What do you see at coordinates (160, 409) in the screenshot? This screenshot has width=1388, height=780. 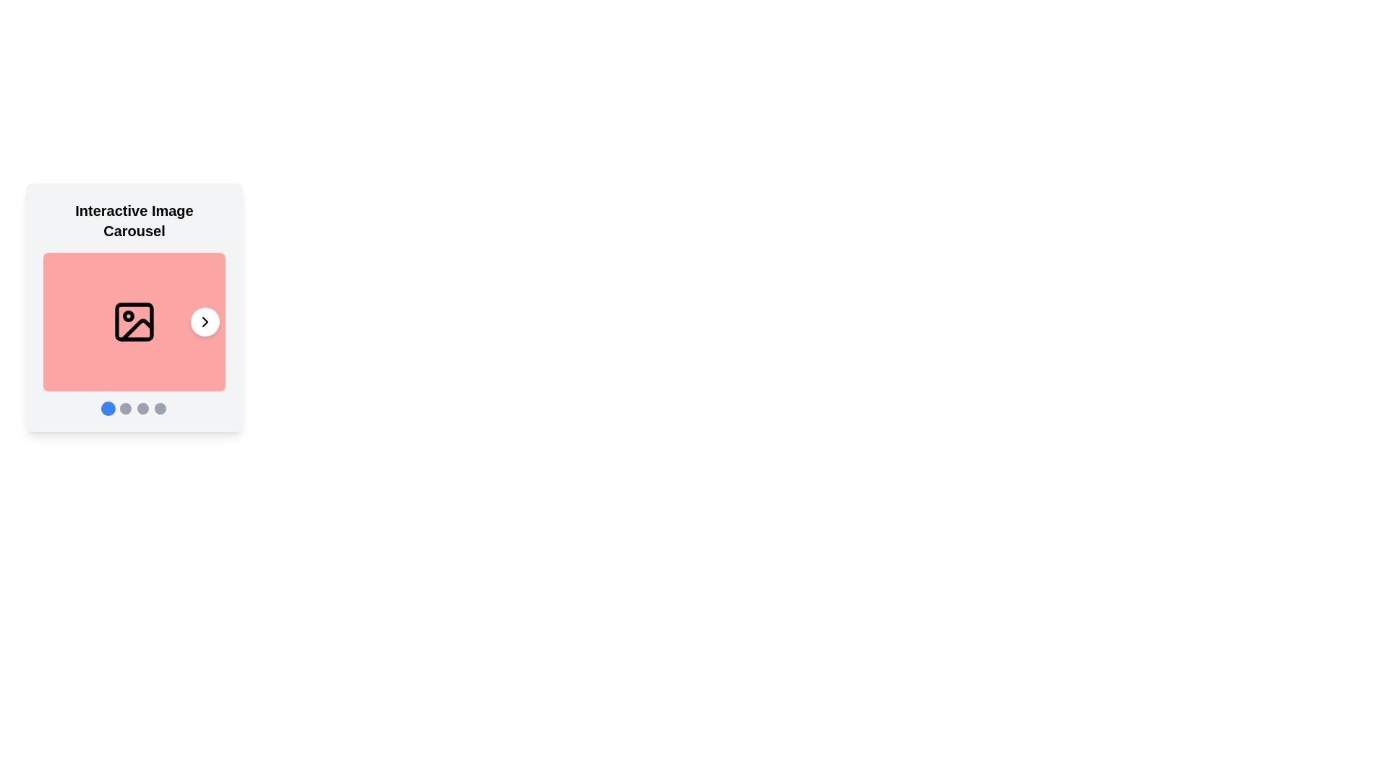 I see `the fourth navigation dot, which is a small gray circular icon located to the far right of the row of navigation dots` at bounding box center [160, 409].